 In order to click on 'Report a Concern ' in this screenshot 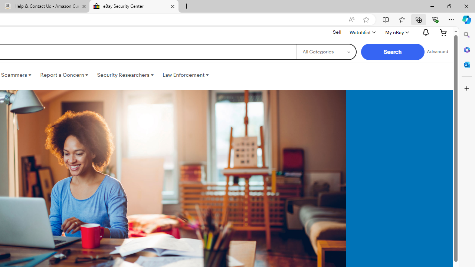, I will do `click(64, 75)`.